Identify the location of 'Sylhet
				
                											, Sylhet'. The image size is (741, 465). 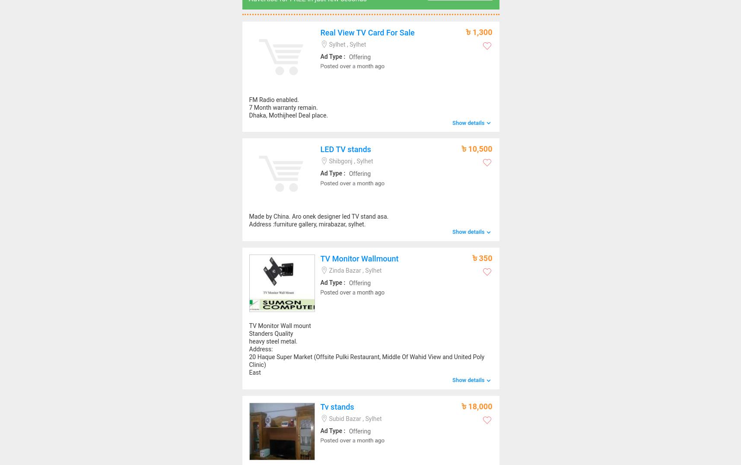
(347, 44).